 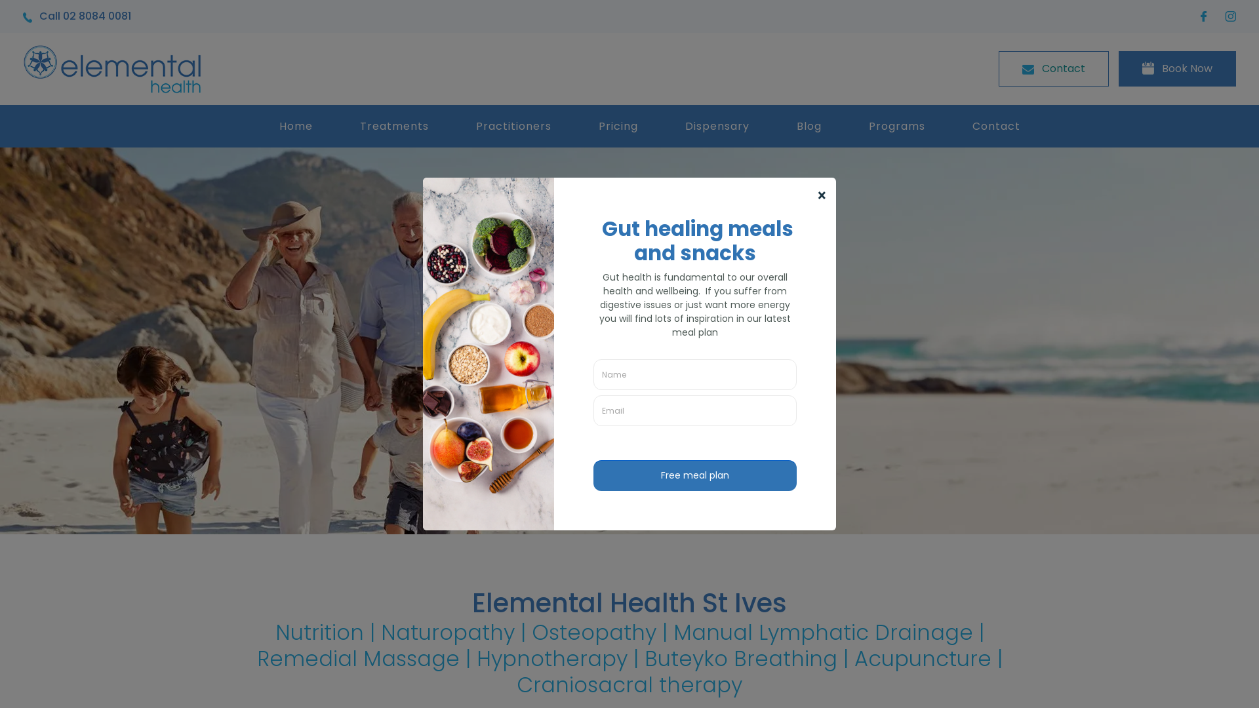 What do you see at coordinates (112, 68) in the screenshot?
I see `'Elemental Health'` at bounding box center [112, 68].